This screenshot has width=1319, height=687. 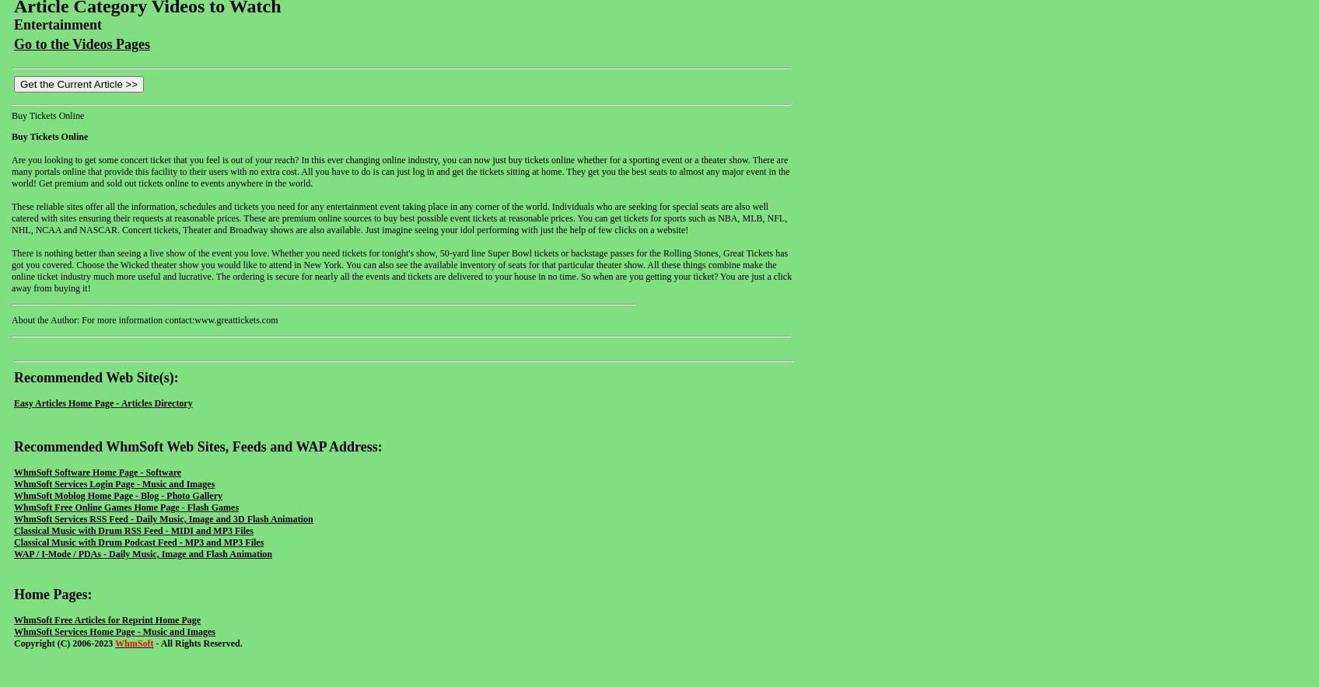 I want to click on 'WhmSoft', so click(x=134, y=642).